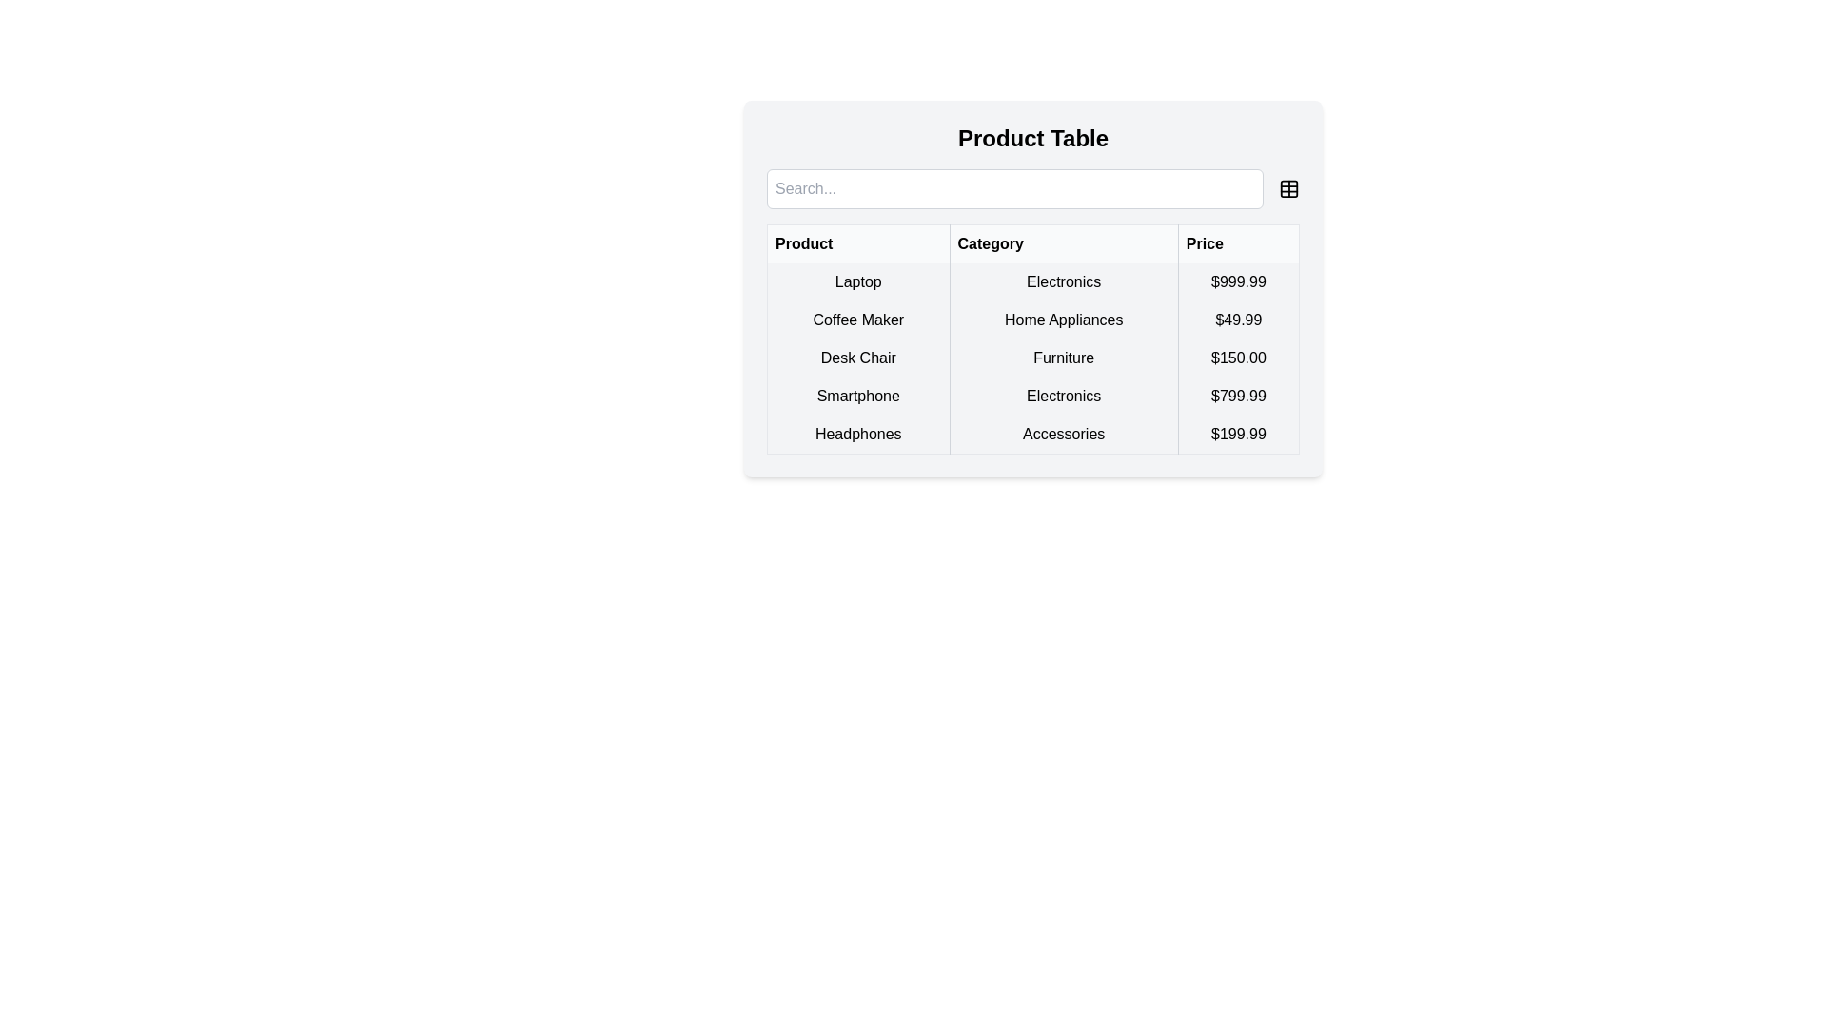  I want to click on the table-grid icon located to the far right of the search input field in the header area above the data table for additional details, so click(1288, 189).